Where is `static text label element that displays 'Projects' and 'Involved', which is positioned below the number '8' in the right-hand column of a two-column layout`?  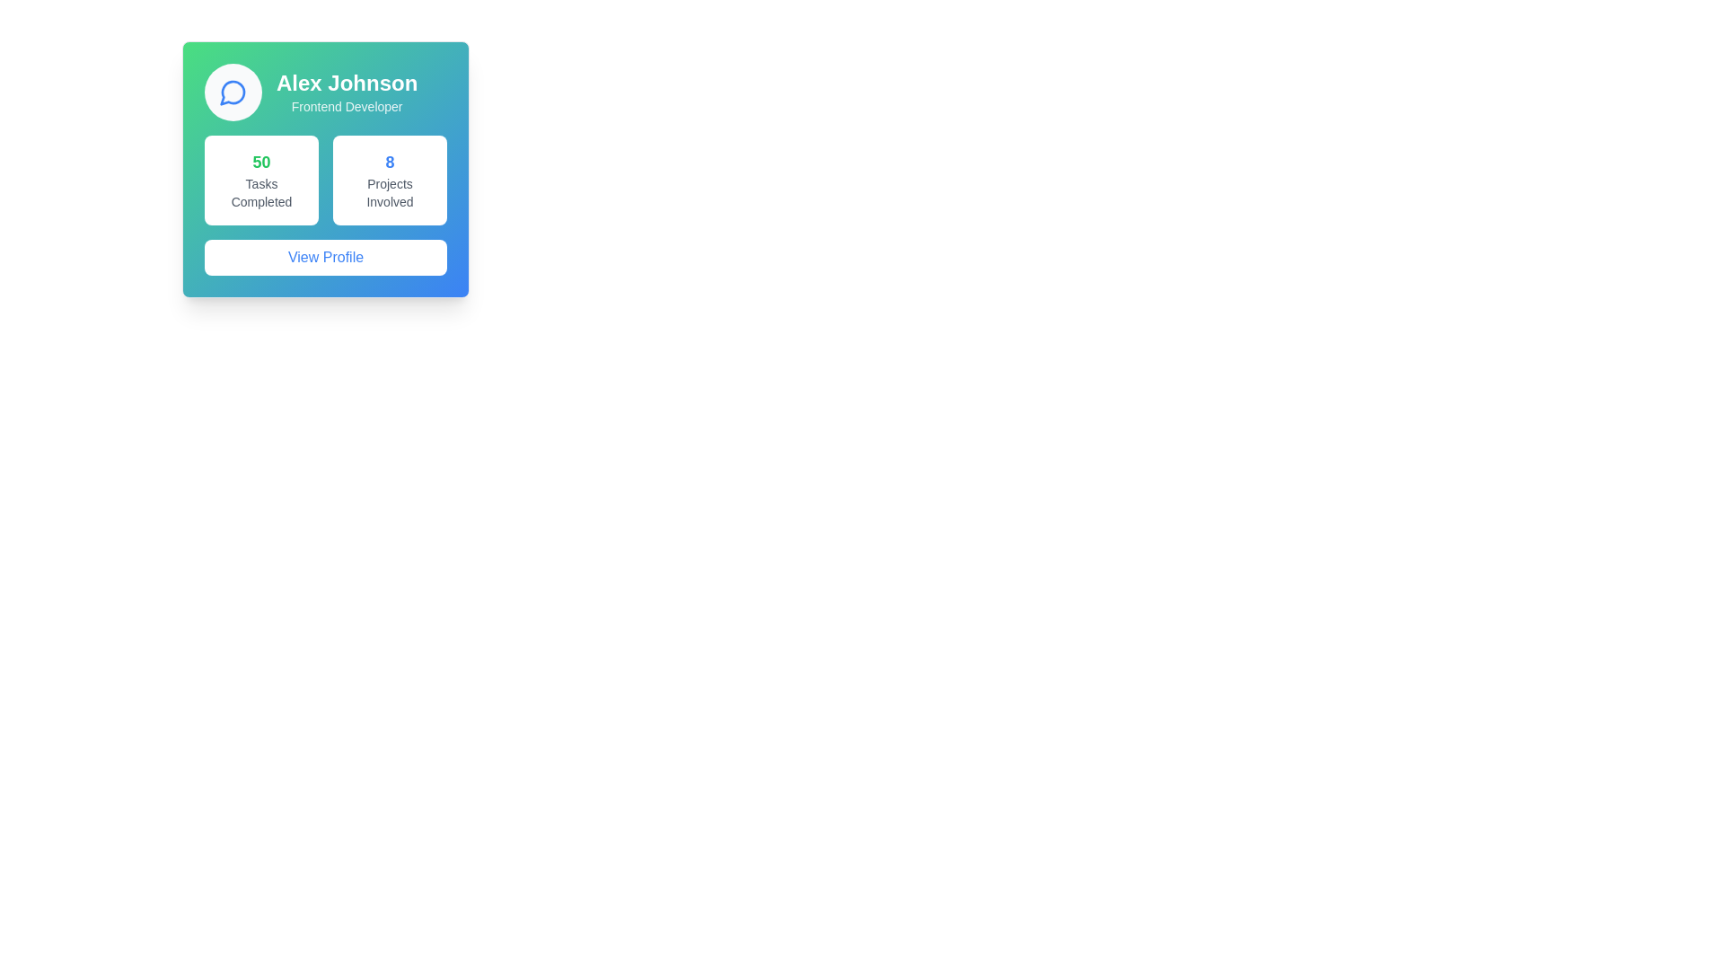 static text label element that displays 'Projects' and 'Involved', which is positioned below the number '8' in the right-hand column of a two-column layout is located at coordinates (389, 193).